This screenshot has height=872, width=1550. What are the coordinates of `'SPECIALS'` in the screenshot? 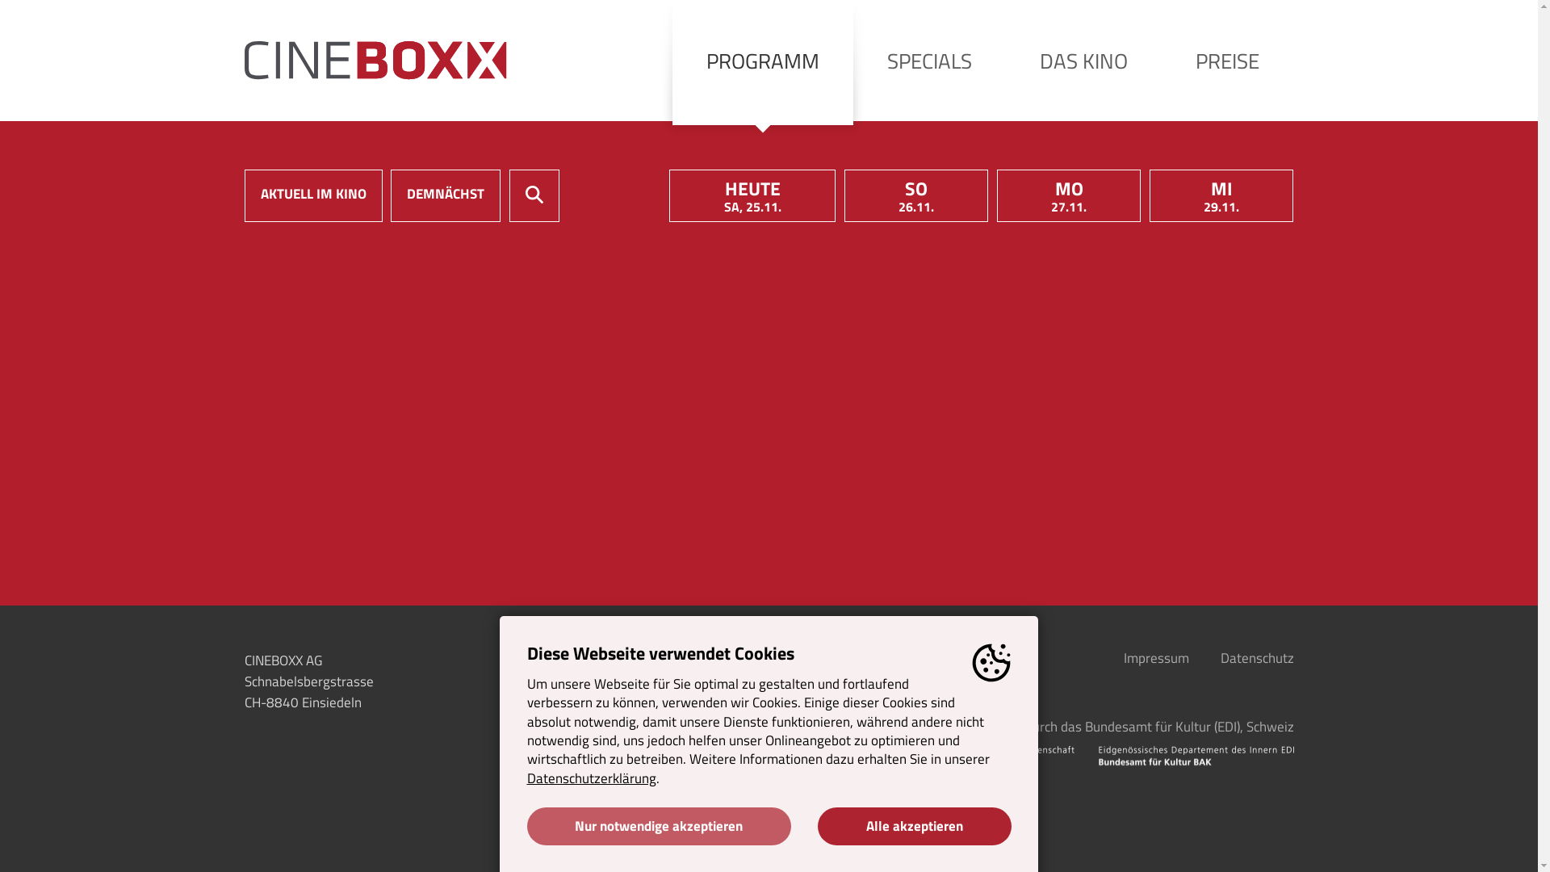 It's located at (929, 59).